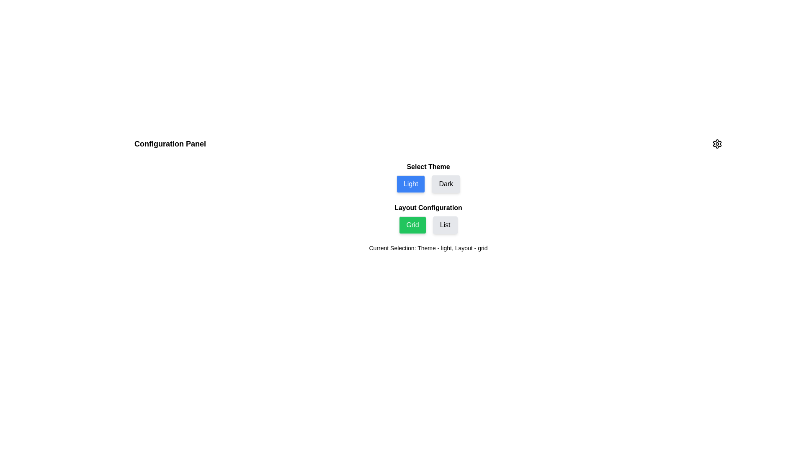 The image size is (804, 452). I want to click on the 'List View' button located to the right of the 'Grid' button in the 'Layout Configuration' section, so click(445, 224).